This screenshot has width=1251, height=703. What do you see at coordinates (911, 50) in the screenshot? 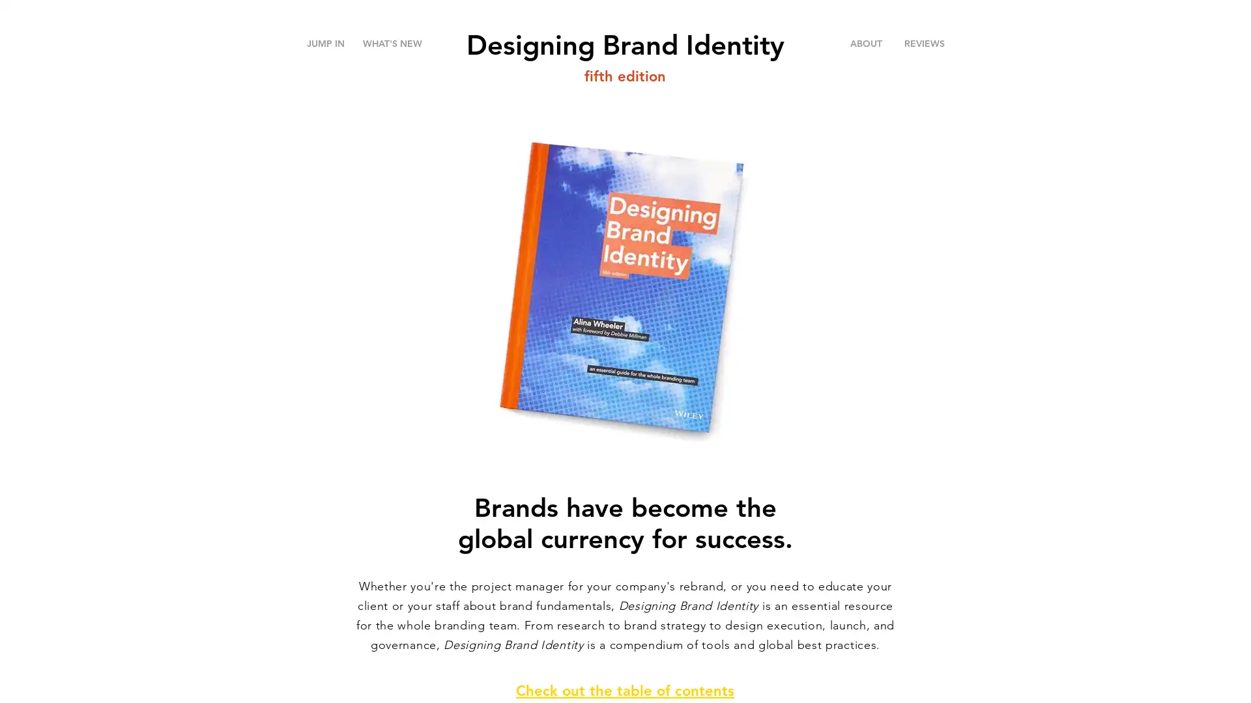
I see `FAQS` at bounding box center [911, 50].